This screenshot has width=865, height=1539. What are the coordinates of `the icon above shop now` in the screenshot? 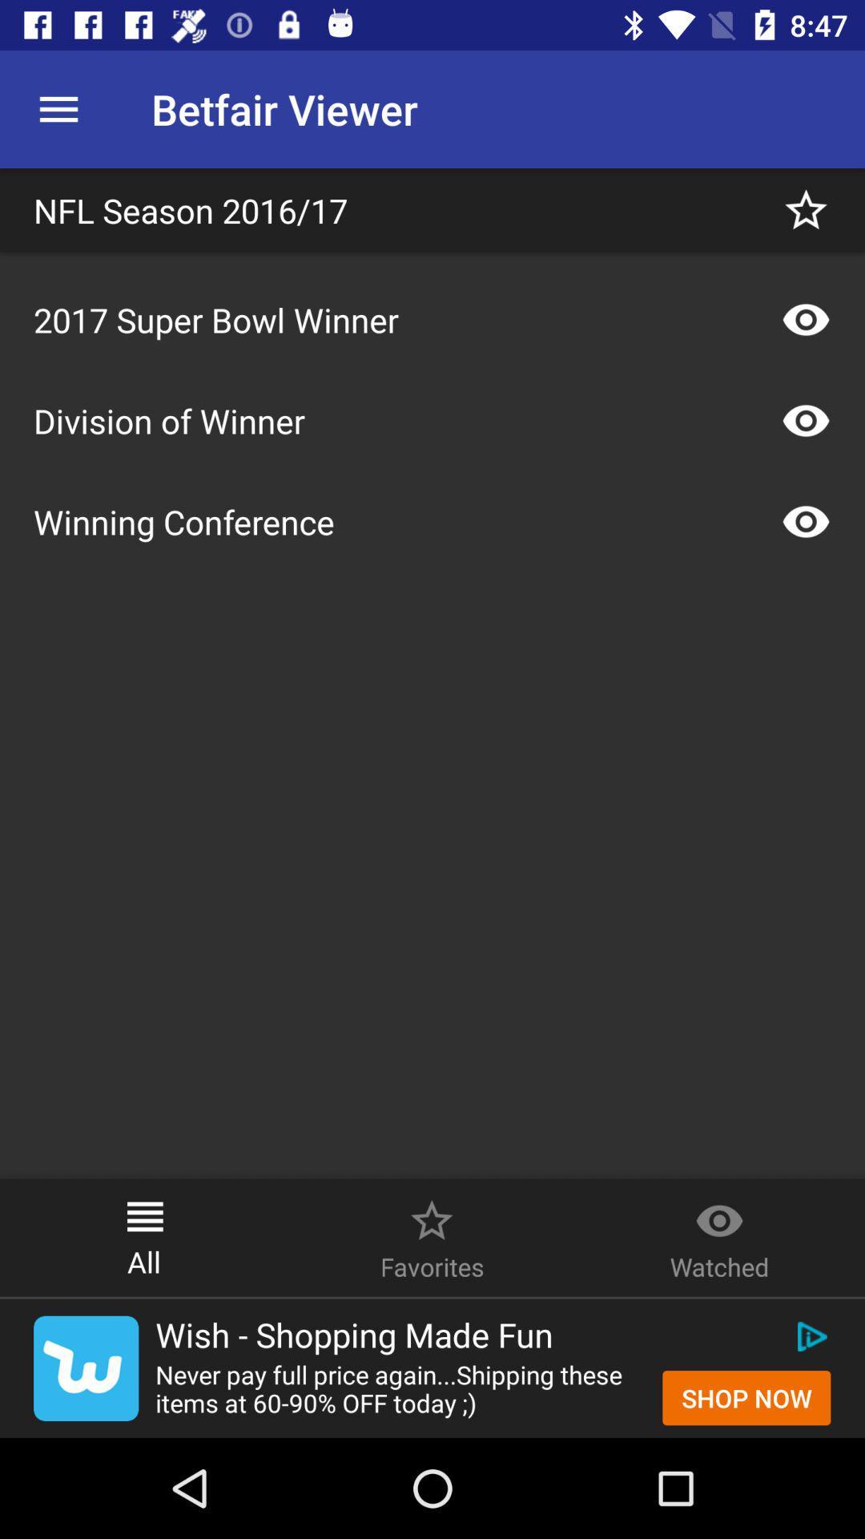 It's located at (810, 1337).